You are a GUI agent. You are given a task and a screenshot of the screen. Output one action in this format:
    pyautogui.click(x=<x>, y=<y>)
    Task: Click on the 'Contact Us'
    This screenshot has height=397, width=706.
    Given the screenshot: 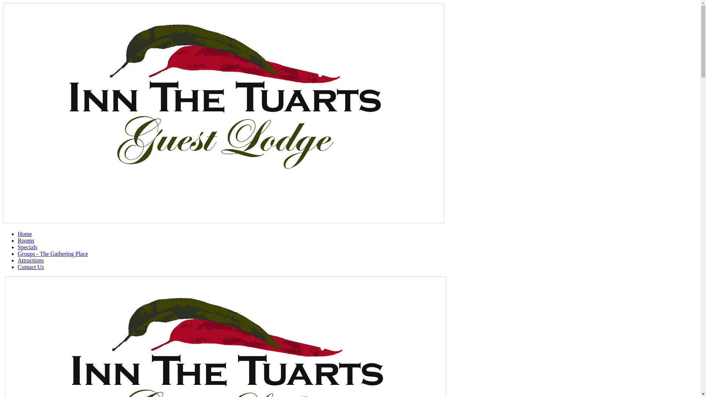 What is the action you would take?
    pyautogui.click(x=30, y=267)
    